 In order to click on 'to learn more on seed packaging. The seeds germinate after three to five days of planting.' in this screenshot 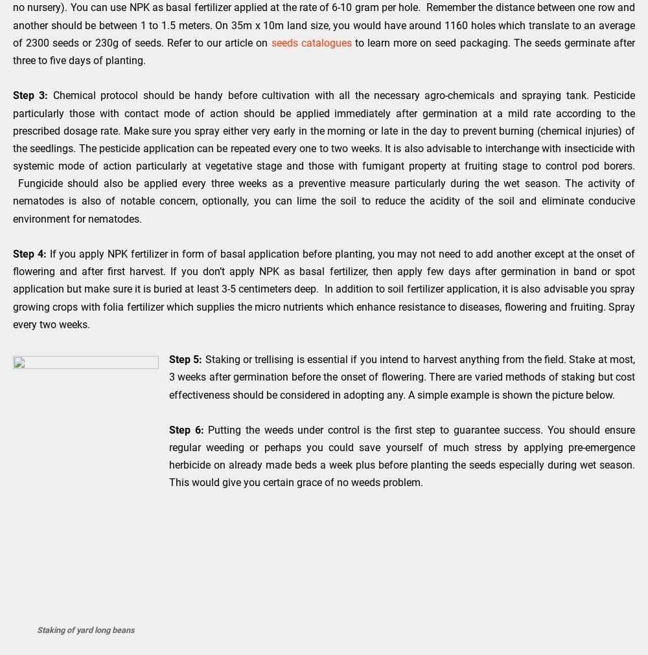, I will do `click(324, 50)`.